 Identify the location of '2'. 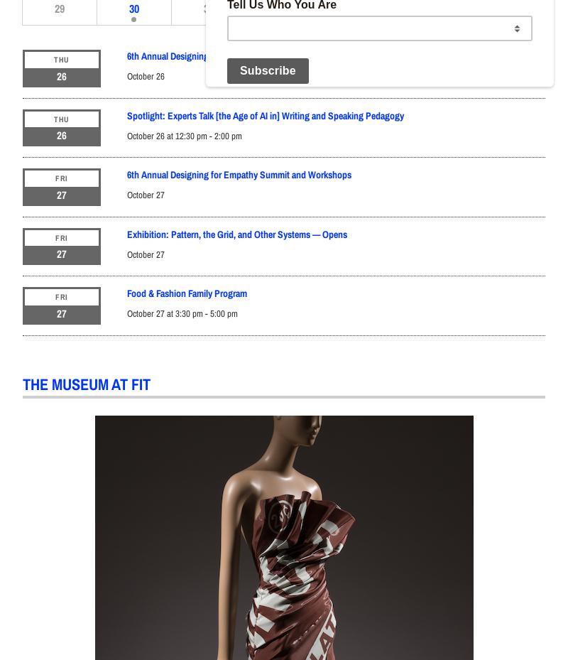
(356, 7).